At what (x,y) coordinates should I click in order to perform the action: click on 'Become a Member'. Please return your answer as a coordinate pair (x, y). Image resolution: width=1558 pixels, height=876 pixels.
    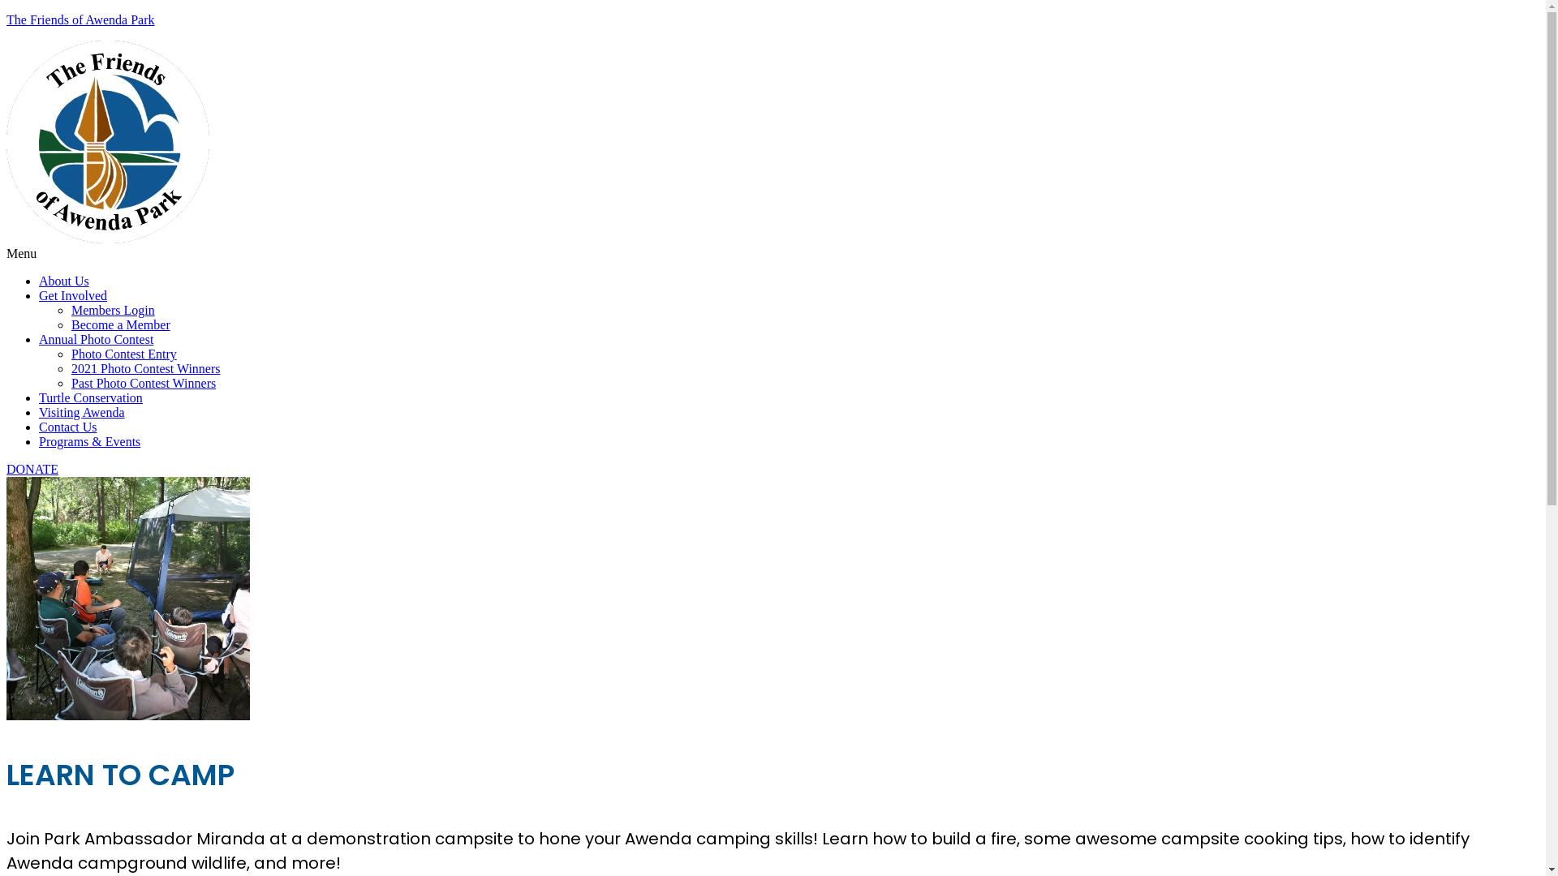
    Looking at the image, I should click on (119, 324).